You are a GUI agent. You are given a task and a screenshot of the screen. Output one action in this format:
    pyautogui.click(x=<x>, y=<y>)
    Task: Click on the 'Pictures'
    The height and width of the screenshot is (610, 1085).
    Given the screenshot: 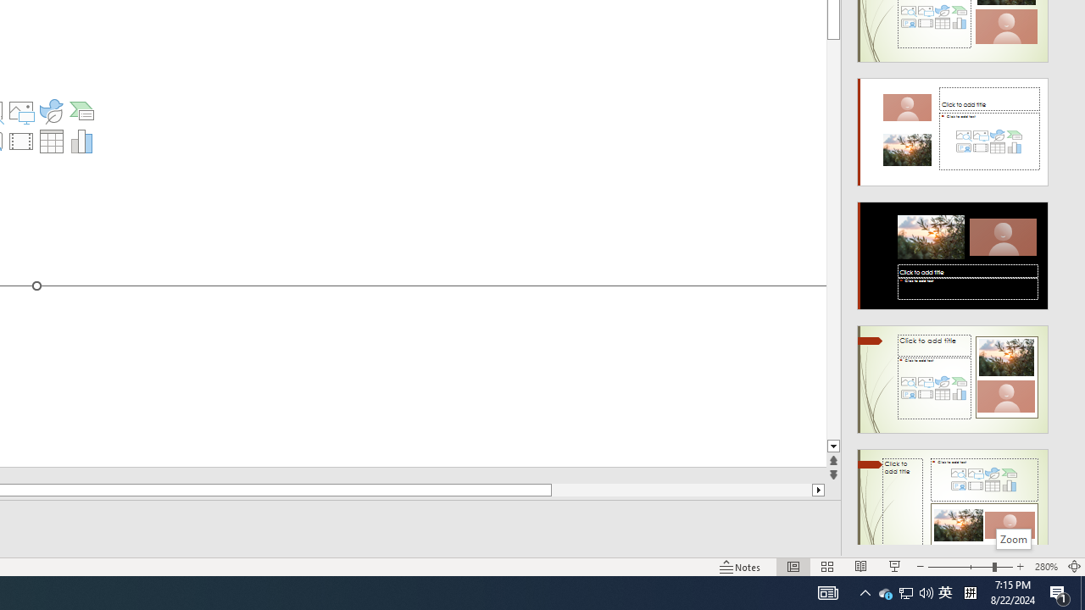 What is the action you would take?
    pyautogui.click(x=20, y=111)
    